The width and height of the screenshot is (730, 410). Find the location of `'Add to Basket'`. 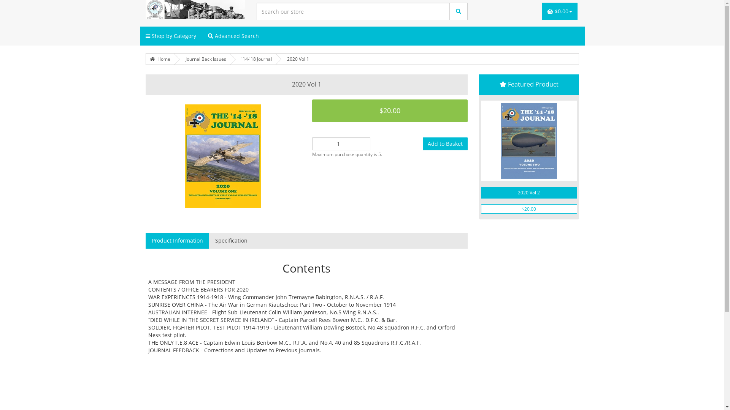

'Add to Basket' is located at coordinates (445, 143).